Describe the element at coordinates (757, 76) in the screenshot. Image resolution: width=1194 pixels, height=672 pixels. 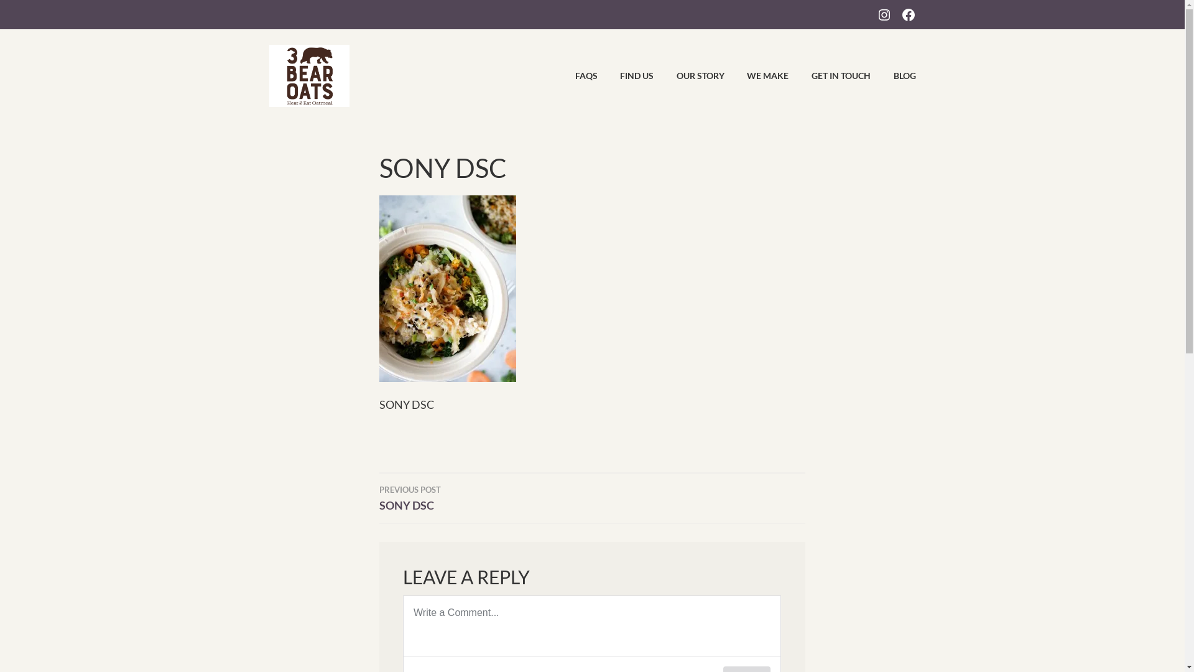
I see `'WE MAKE'` at that location.